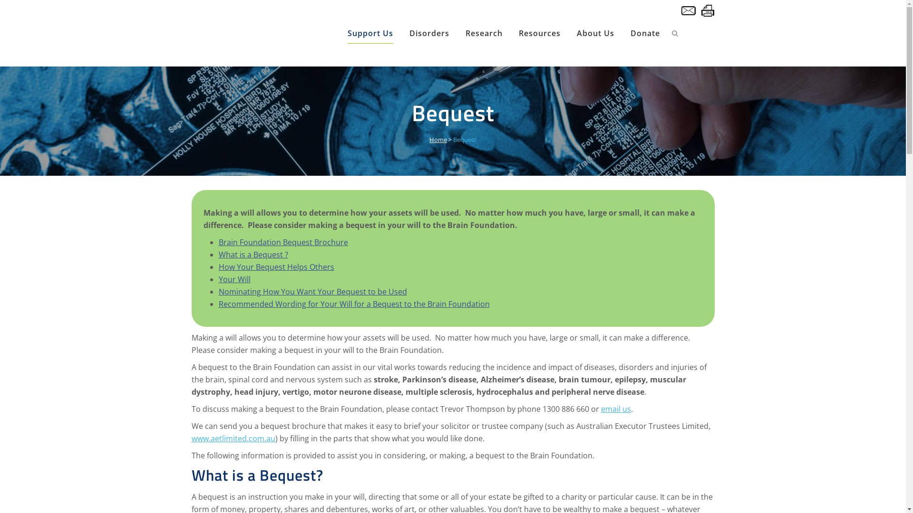 The image size is (913, 513). I want to click on 'Your Will', so click(218, 278).